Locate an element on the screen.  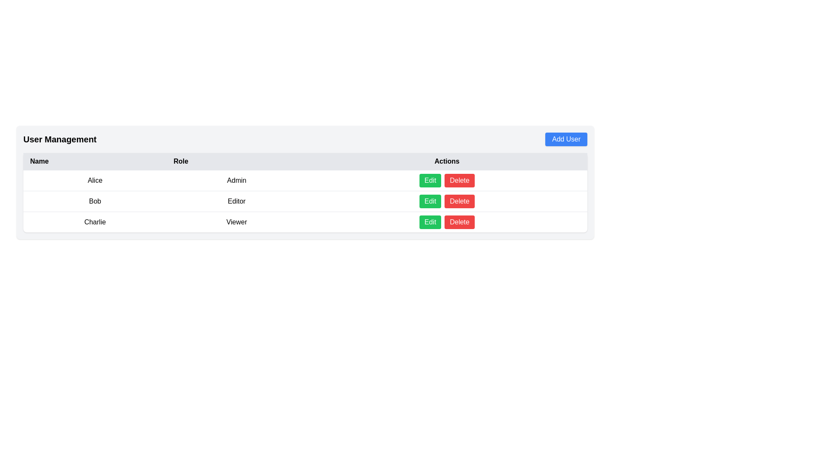
the red 'Delete' button with rounded corners and white text, located to the right of the 'Edit' button in the 'Actions' column of the first row is located at coordinates (459, 180).